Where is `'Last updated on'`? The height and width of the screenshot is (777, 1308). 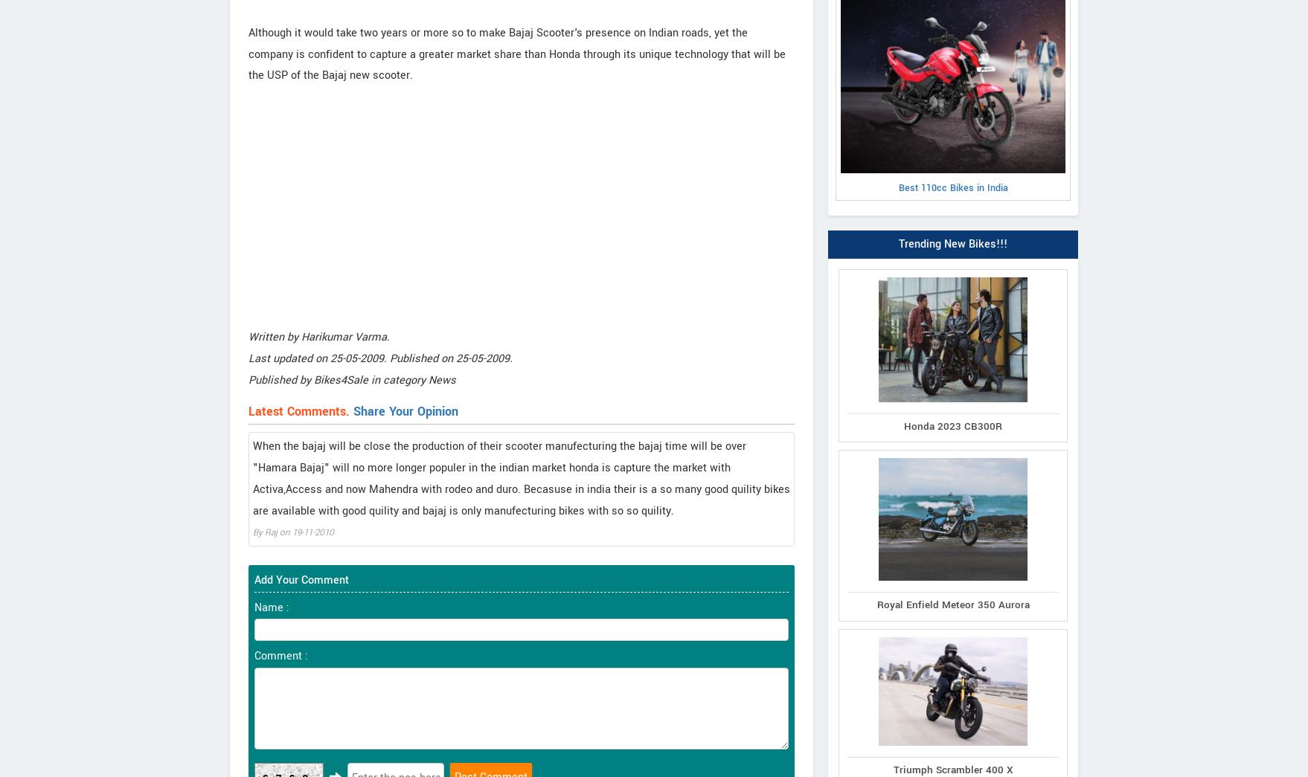 'Last updated on' is located at coordinates (249, 357).